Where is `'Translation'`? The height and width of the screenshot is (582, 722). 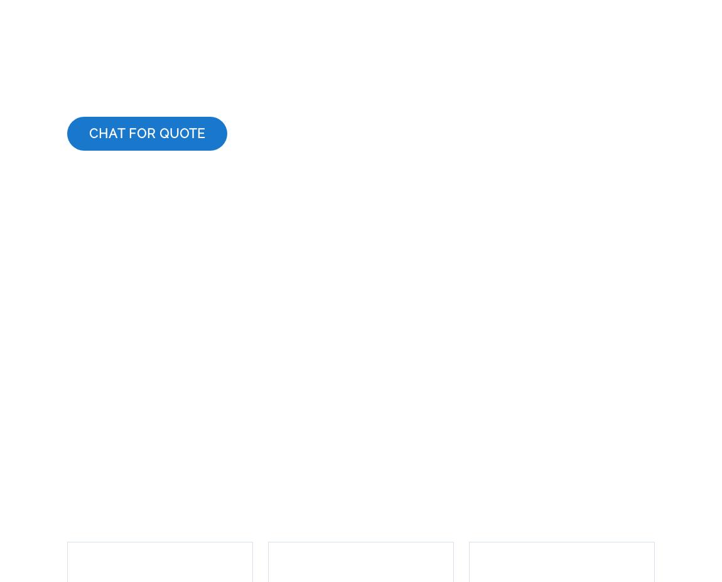
'Translation' is located at coordinates (78, 482).